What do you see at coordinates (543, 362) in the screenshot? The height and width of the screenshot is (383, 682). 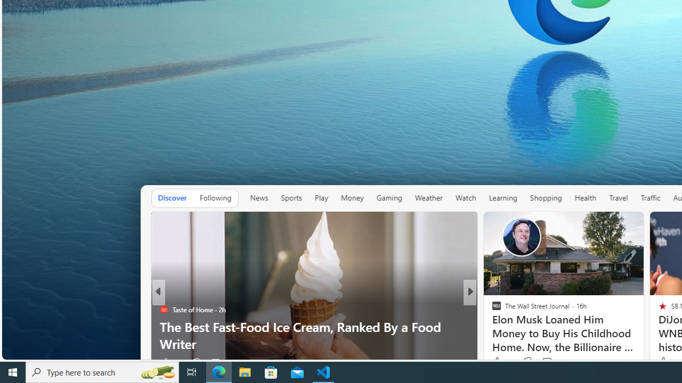 I see `'View comments 247 Comment'` at bounding box center [543, 362].